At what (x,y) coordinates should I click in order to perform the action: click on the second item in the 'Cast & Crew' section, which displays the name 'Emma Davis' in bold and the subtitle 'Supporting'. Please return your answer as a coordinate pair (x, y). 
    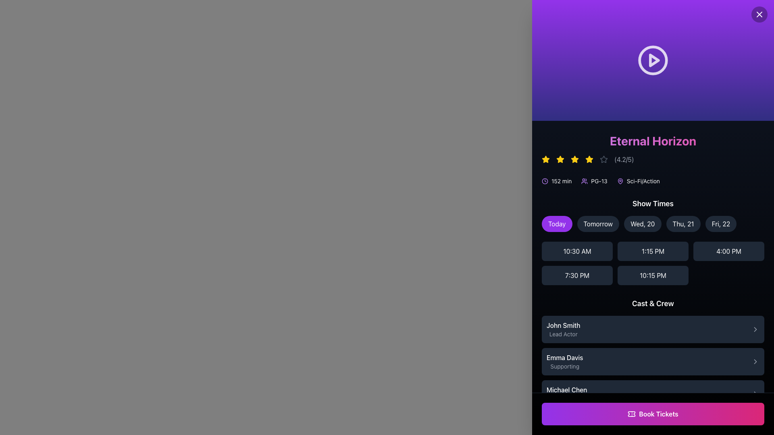
    Looking at the image, I should click on (653, 352).